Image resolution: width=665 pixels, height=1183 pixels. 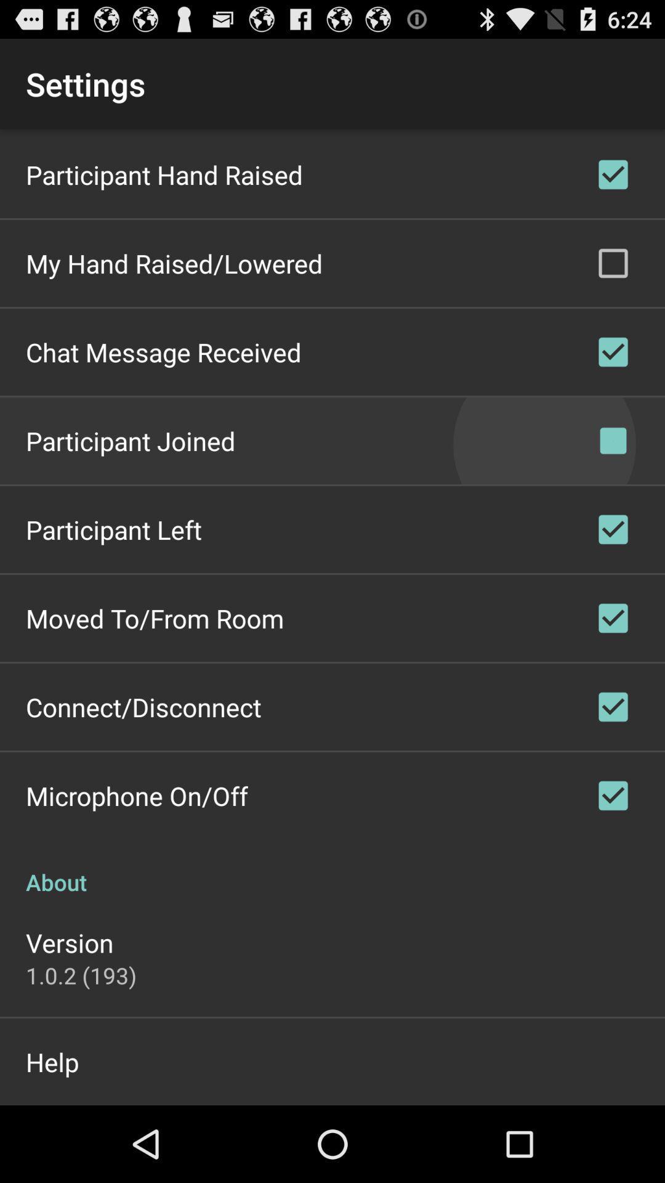 What do you see at coordinates (113, 529) in the screenshot?
I see `participant left app` at bounding box center [113, 529].